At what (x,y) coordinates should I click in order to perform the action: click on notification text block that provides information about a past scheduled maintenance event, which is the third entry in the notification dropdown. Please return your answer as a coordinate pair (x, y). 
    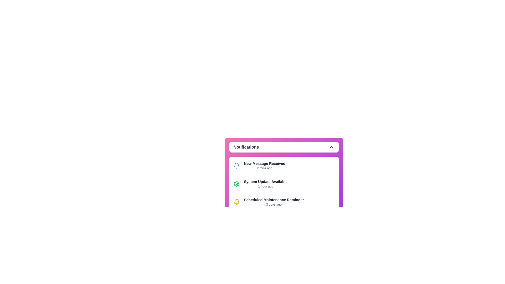
    Looking at the image, I should click on (274, 201).